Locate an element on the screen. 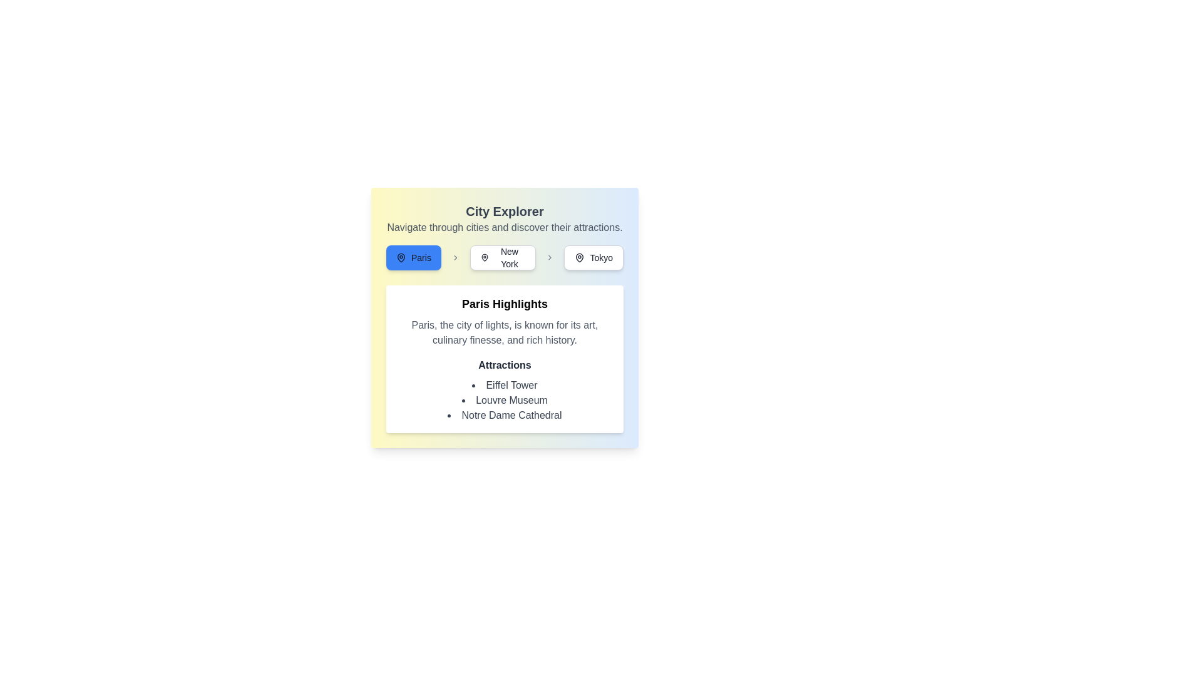  the 'Louvre Museum' text label, which is the second item in the Attractions list is located at coordinates (505, 401).